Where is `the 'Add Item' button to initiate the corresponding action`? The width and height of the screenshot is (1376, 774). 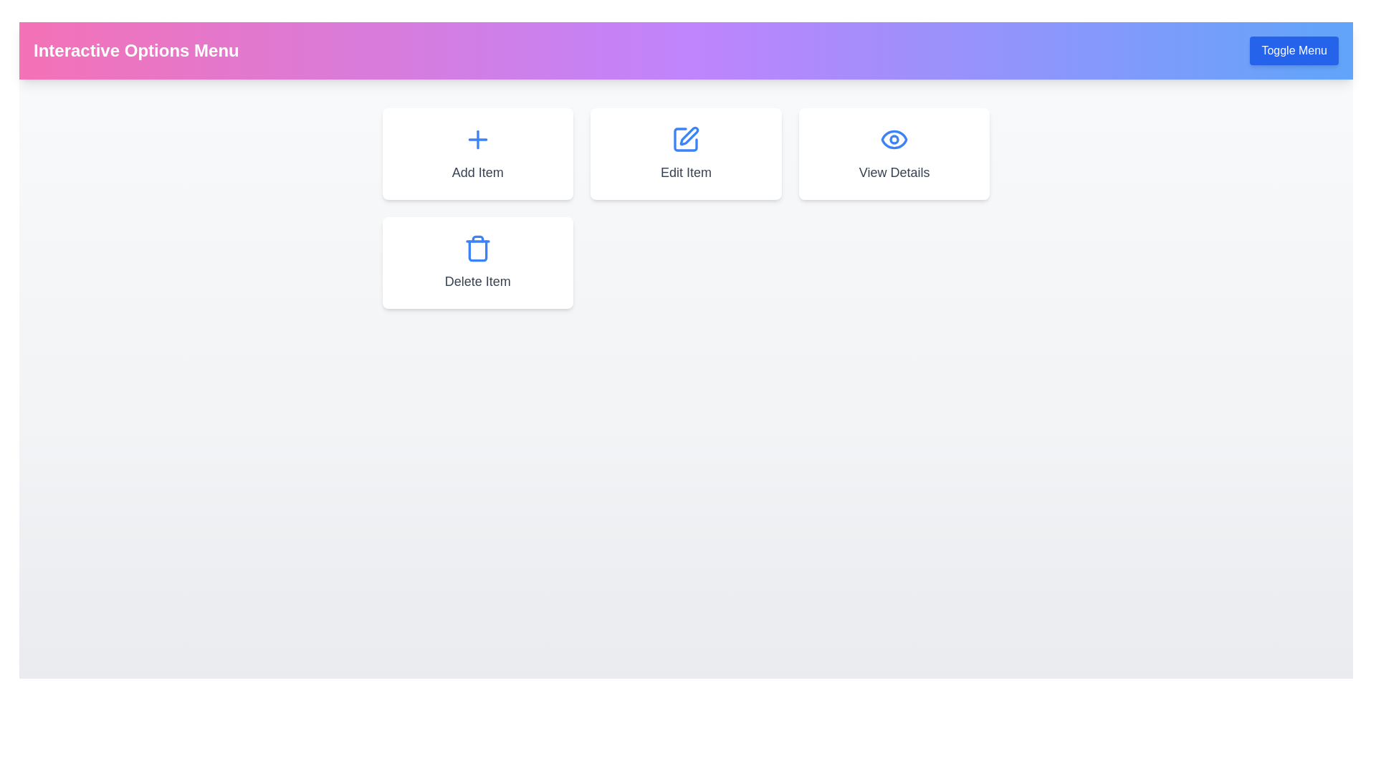 the 'Add Item' button to initiate the corresponding action is located at coordinates (477, 154).